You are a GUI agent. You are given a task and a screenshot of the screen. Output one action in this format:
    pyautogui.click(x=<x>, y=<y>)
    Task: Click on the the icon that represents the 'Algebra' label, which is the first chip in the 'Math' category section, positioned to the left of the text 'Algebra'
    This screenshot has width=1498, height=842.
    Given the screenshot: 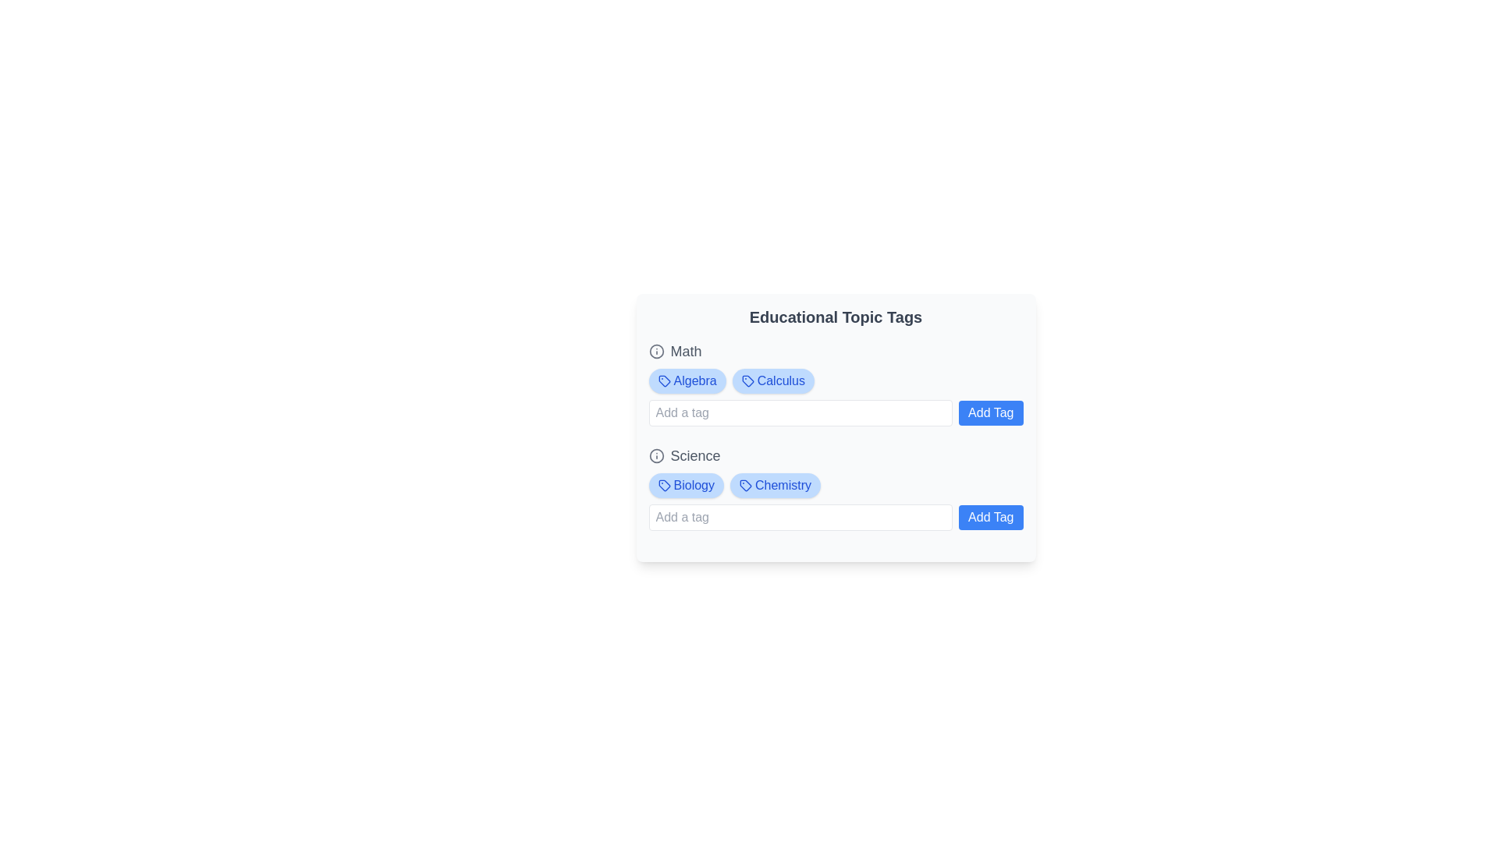 What is the action you would take?
    pyautogui.click(x=664, y=381)
    